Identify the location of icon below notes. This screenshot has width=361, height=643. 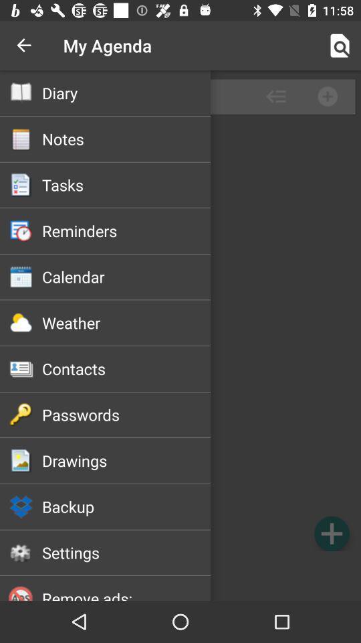
(126, 184).